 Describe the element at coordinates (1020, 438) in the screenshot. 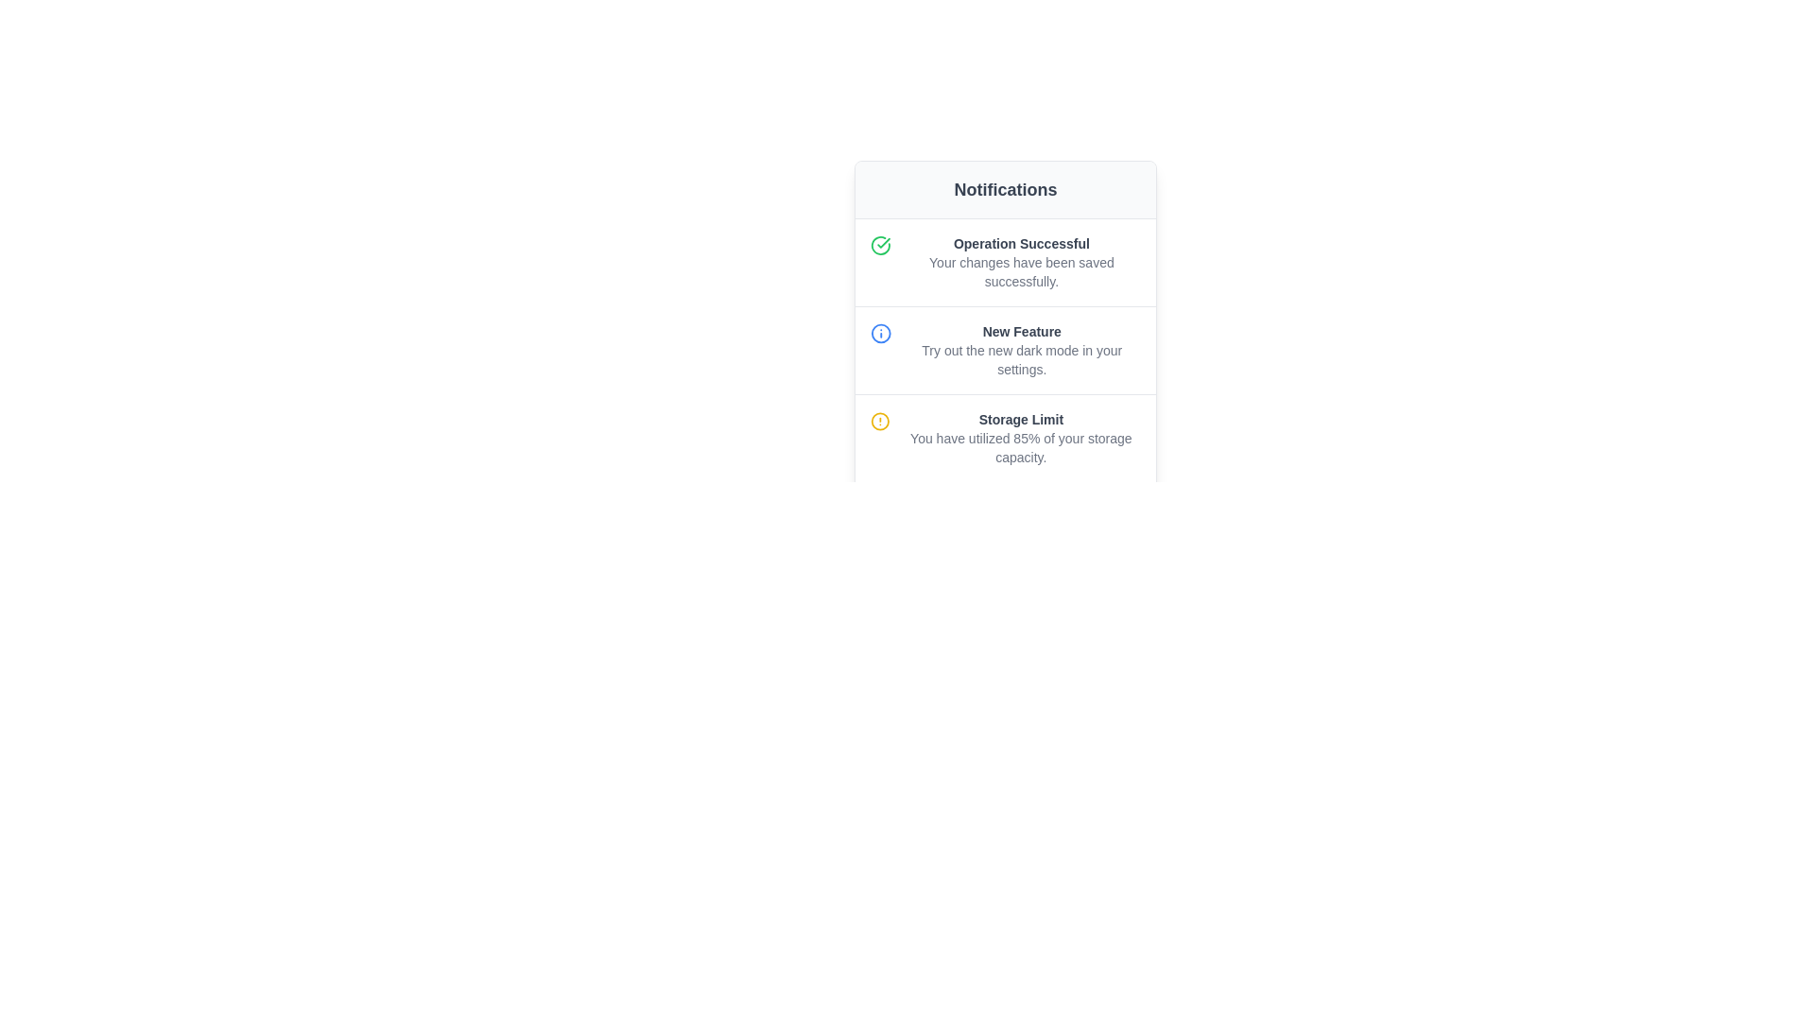

I see `the informational text block that warns about 85% storage usage, located at the bottom of the notification list under 'New Feature.'` at that location.